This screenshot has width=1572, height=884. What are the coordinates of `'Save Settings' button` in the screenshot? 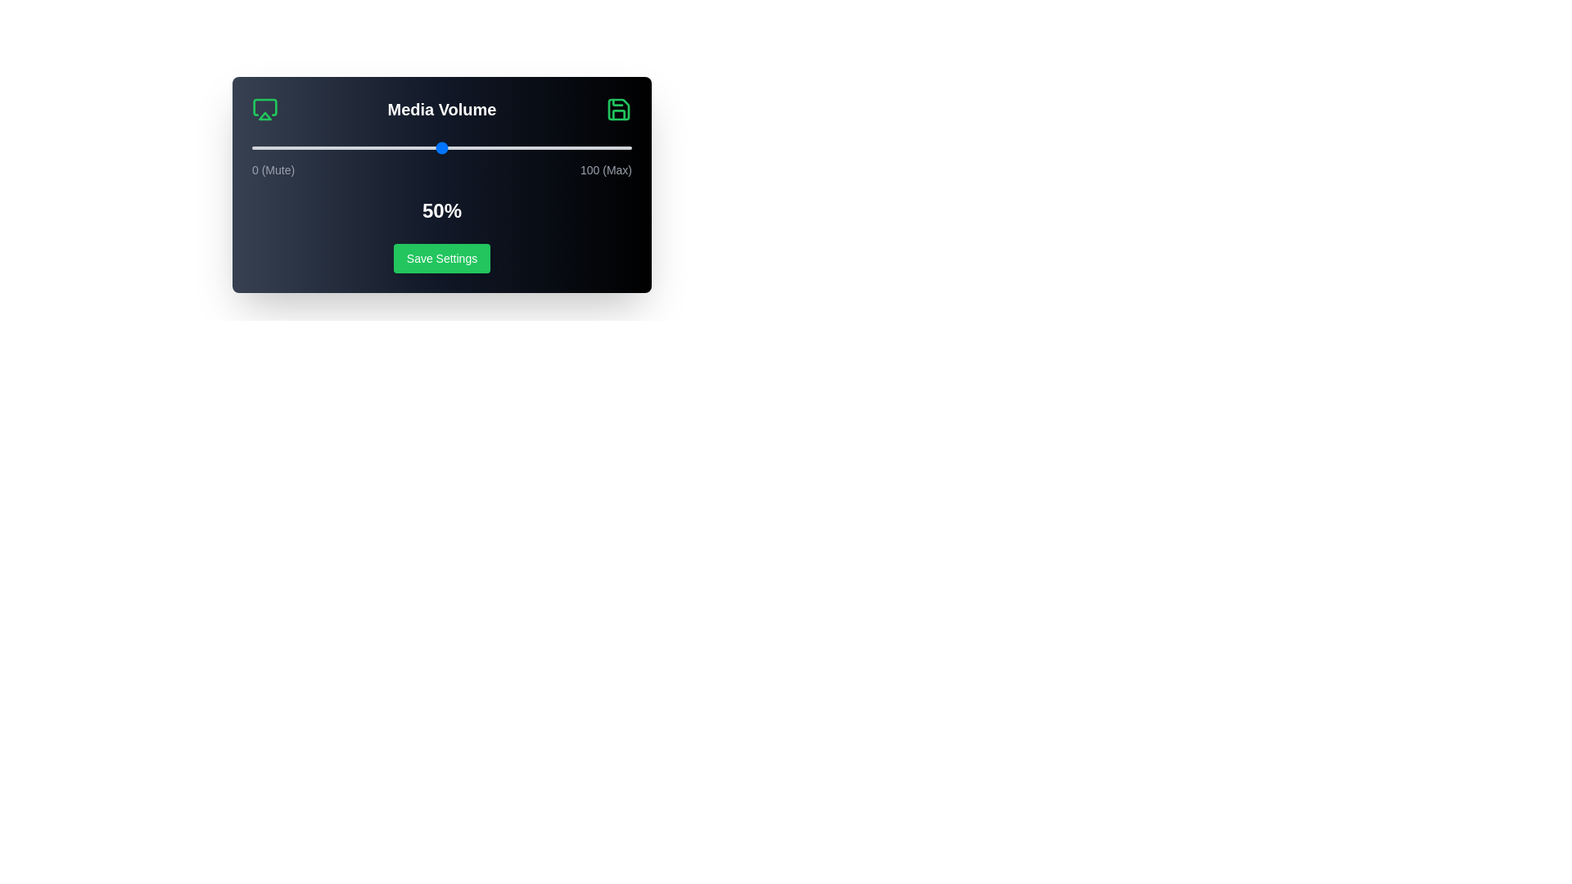 It's located at (441, 258).